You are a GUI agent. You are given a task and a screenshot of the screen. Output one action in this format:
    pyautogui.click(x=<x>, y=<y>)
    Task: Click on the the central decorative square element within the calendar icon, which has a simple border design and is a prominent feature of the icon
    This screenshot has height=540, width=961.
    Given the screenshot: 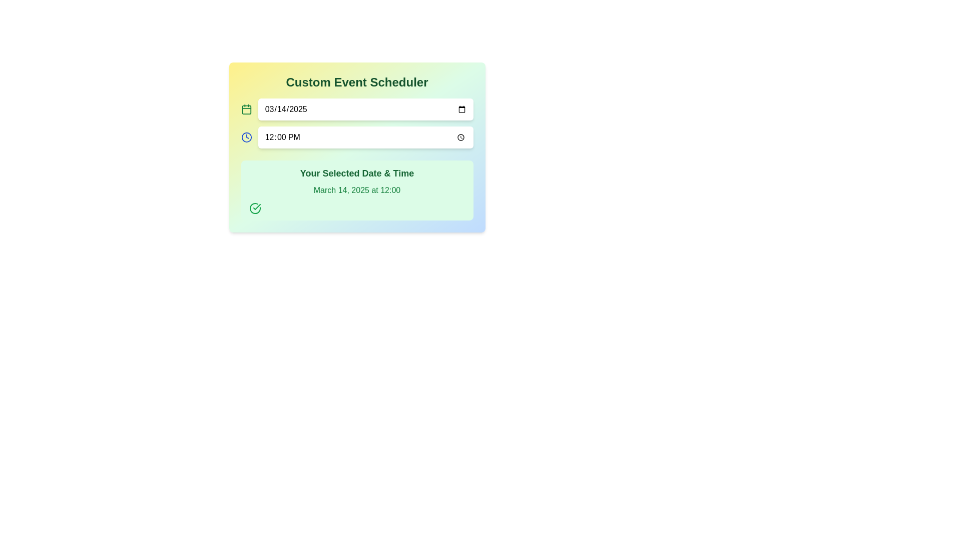 What is the action you would take?
    pyautogui.click(x=246, y=109)
    